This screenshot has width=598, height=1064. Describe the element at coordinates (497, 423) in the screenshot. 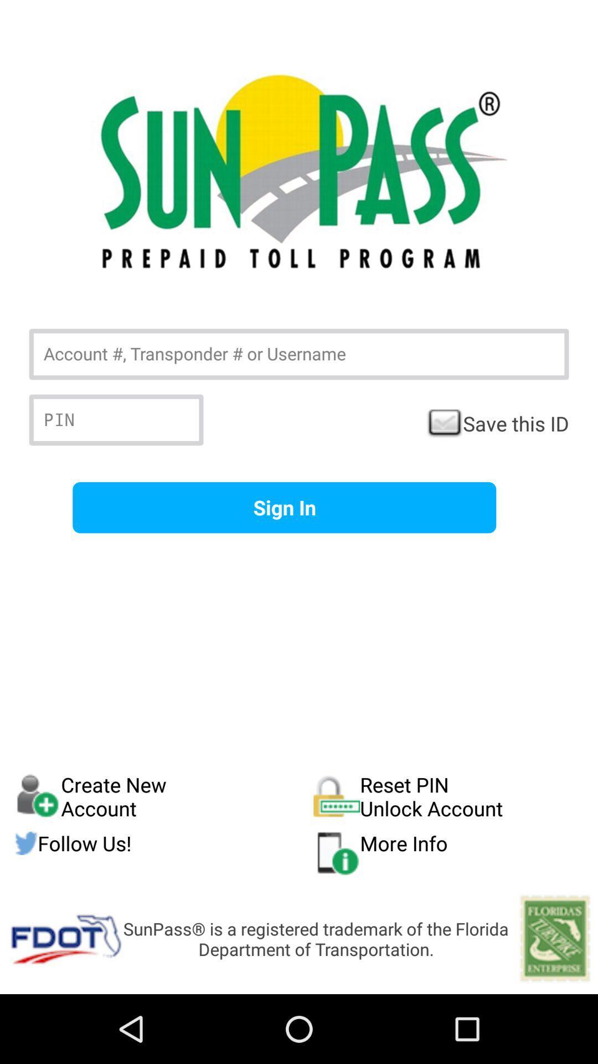

I see `the save this id checkbox` at that location.